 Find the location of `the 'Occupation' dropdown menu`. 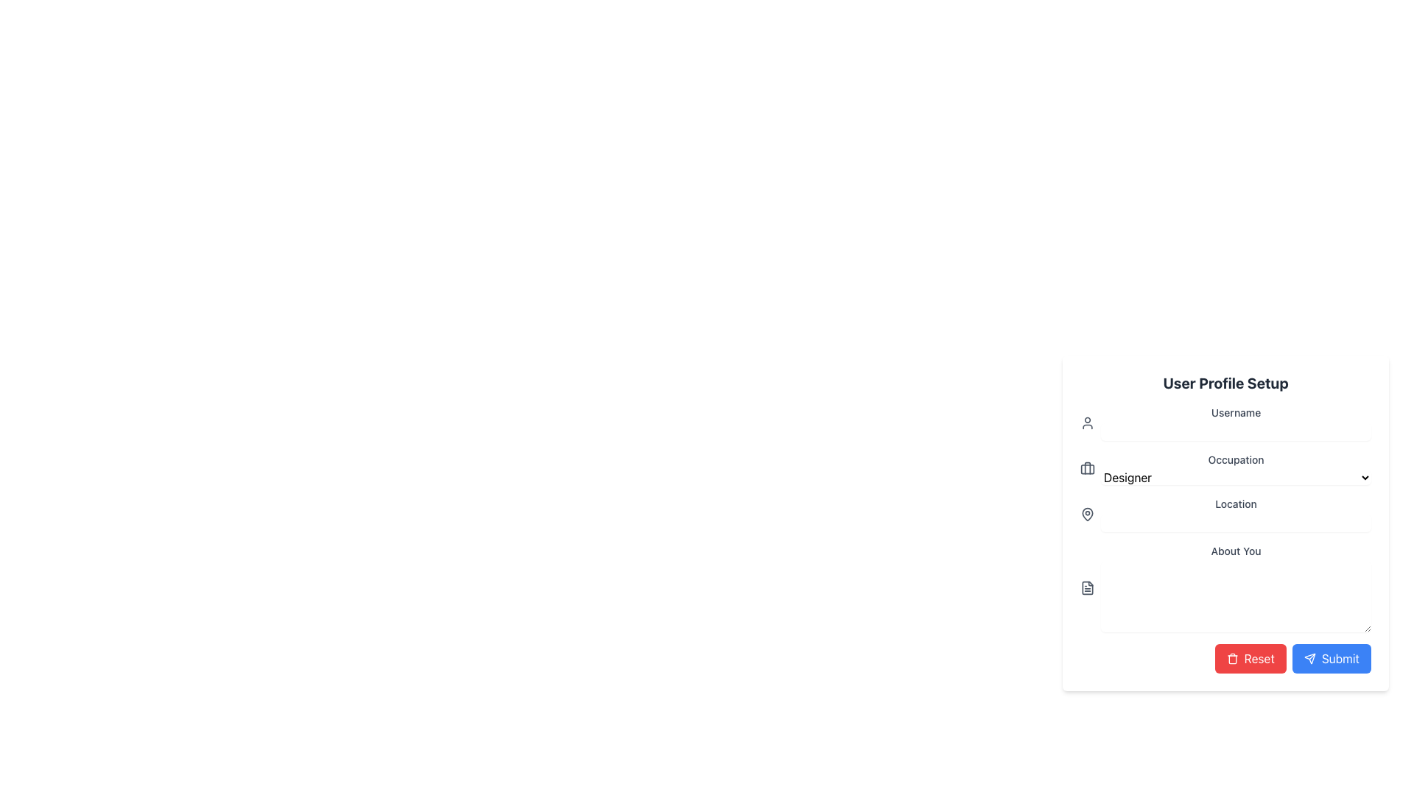

the 'Occupation' dropdown menu is located at coordinates (1225, 468).